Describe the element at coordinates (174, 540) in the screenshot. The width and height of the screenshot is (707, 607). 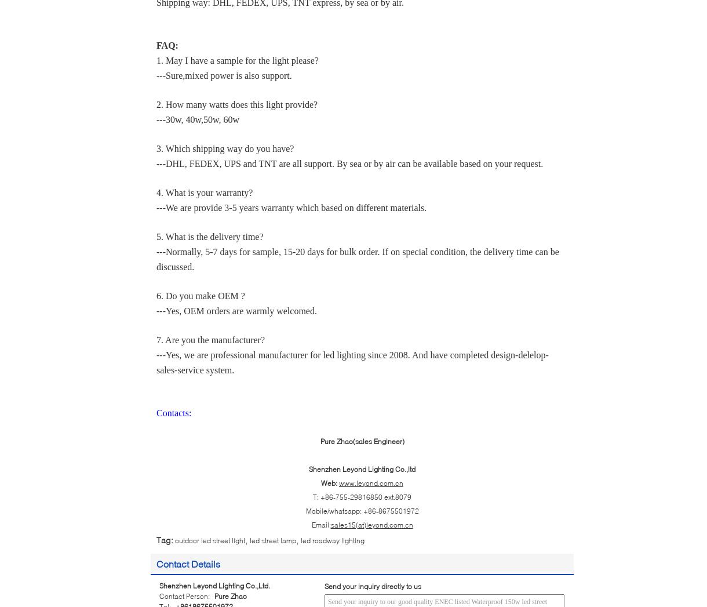
I see `'outdoor led street light'` at that location.